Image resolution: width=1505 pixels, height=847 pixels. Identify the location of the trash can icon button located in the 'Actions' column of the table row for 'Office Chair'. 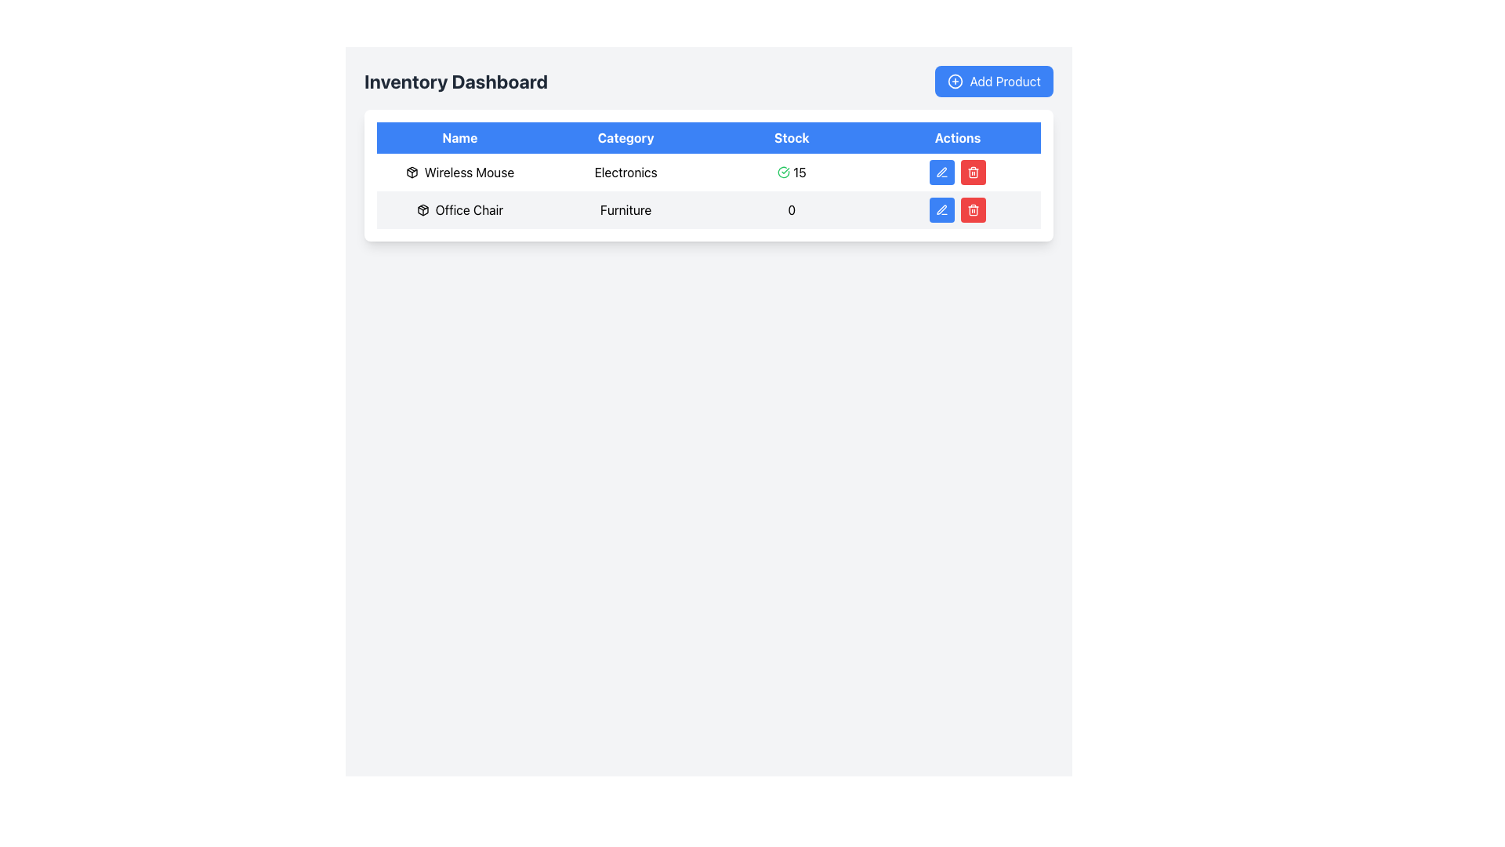
(973, 172).